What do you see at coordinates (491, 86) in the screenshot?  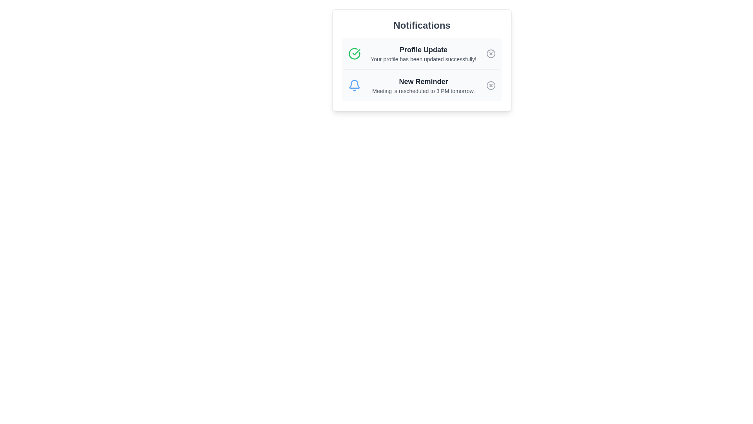 I see `the delete button located at the right end of the 'New Reminder' notification` at bounding box center [491, 86].